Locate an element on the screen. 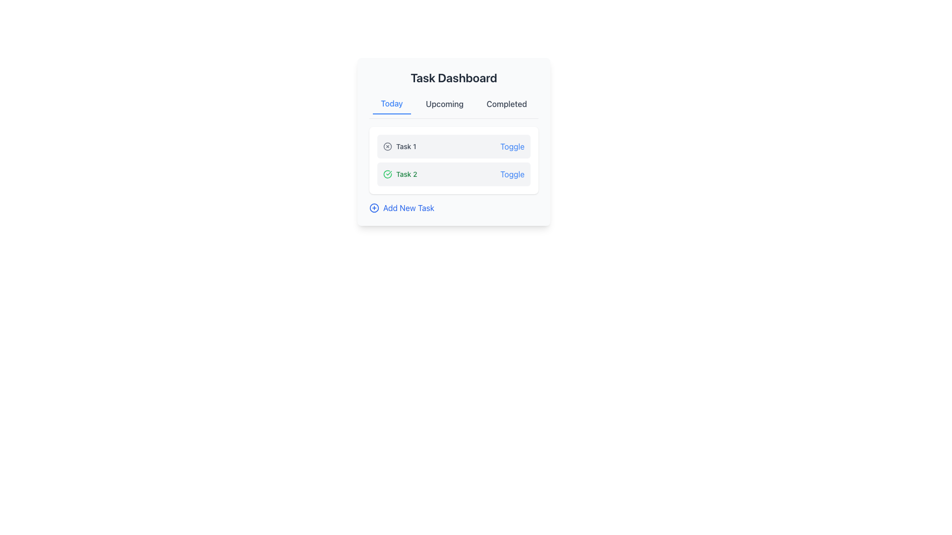  the task-specific icons on the first List card in the 'Task Dashboard' section under the 'Today' tab is located at coordinates (453, 142).